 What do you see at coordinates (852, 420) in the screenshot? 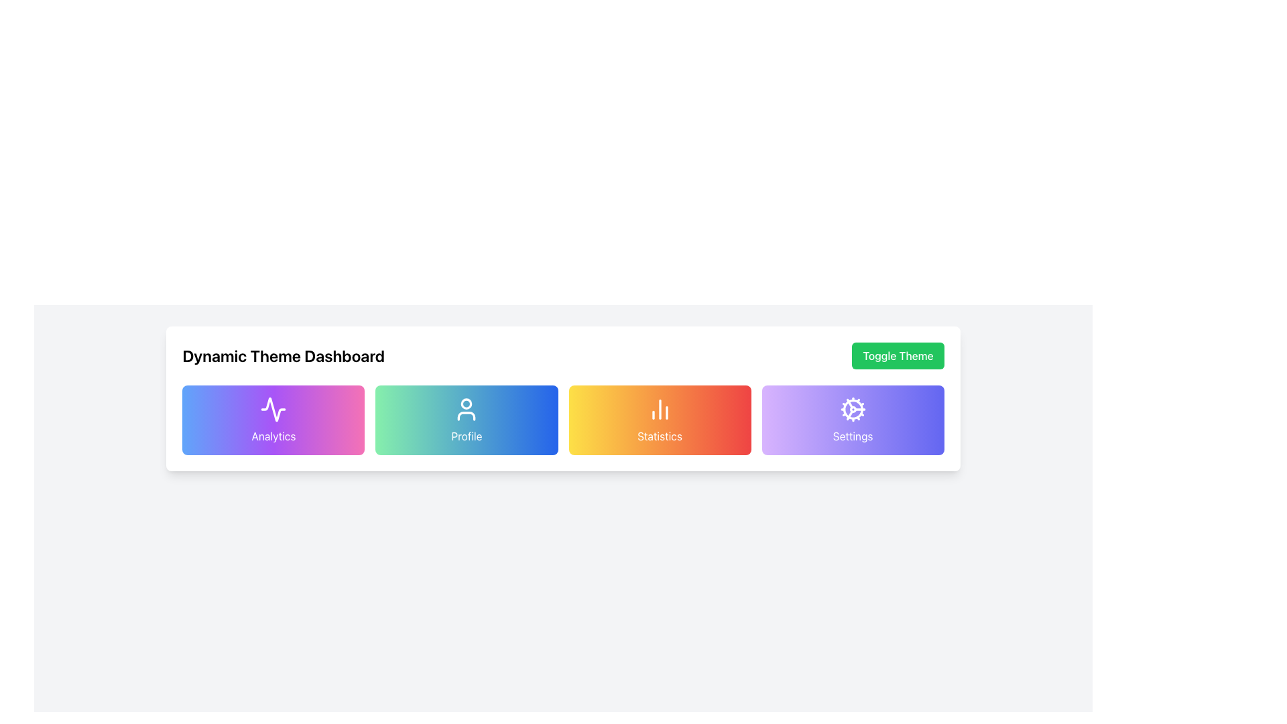
I see `the 'Settings' card which is the fourth card in a grid of four cards, located to the right of the 'Statistics' card and below the 'Toggle Theme' button` at bounding box center [852, 420].